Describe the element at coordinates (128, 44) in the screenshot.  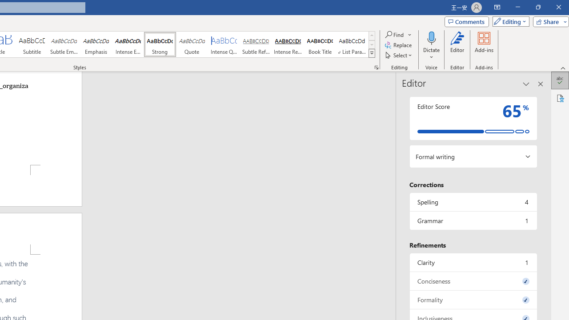
I see `'Intense Emphasis'` at that location.